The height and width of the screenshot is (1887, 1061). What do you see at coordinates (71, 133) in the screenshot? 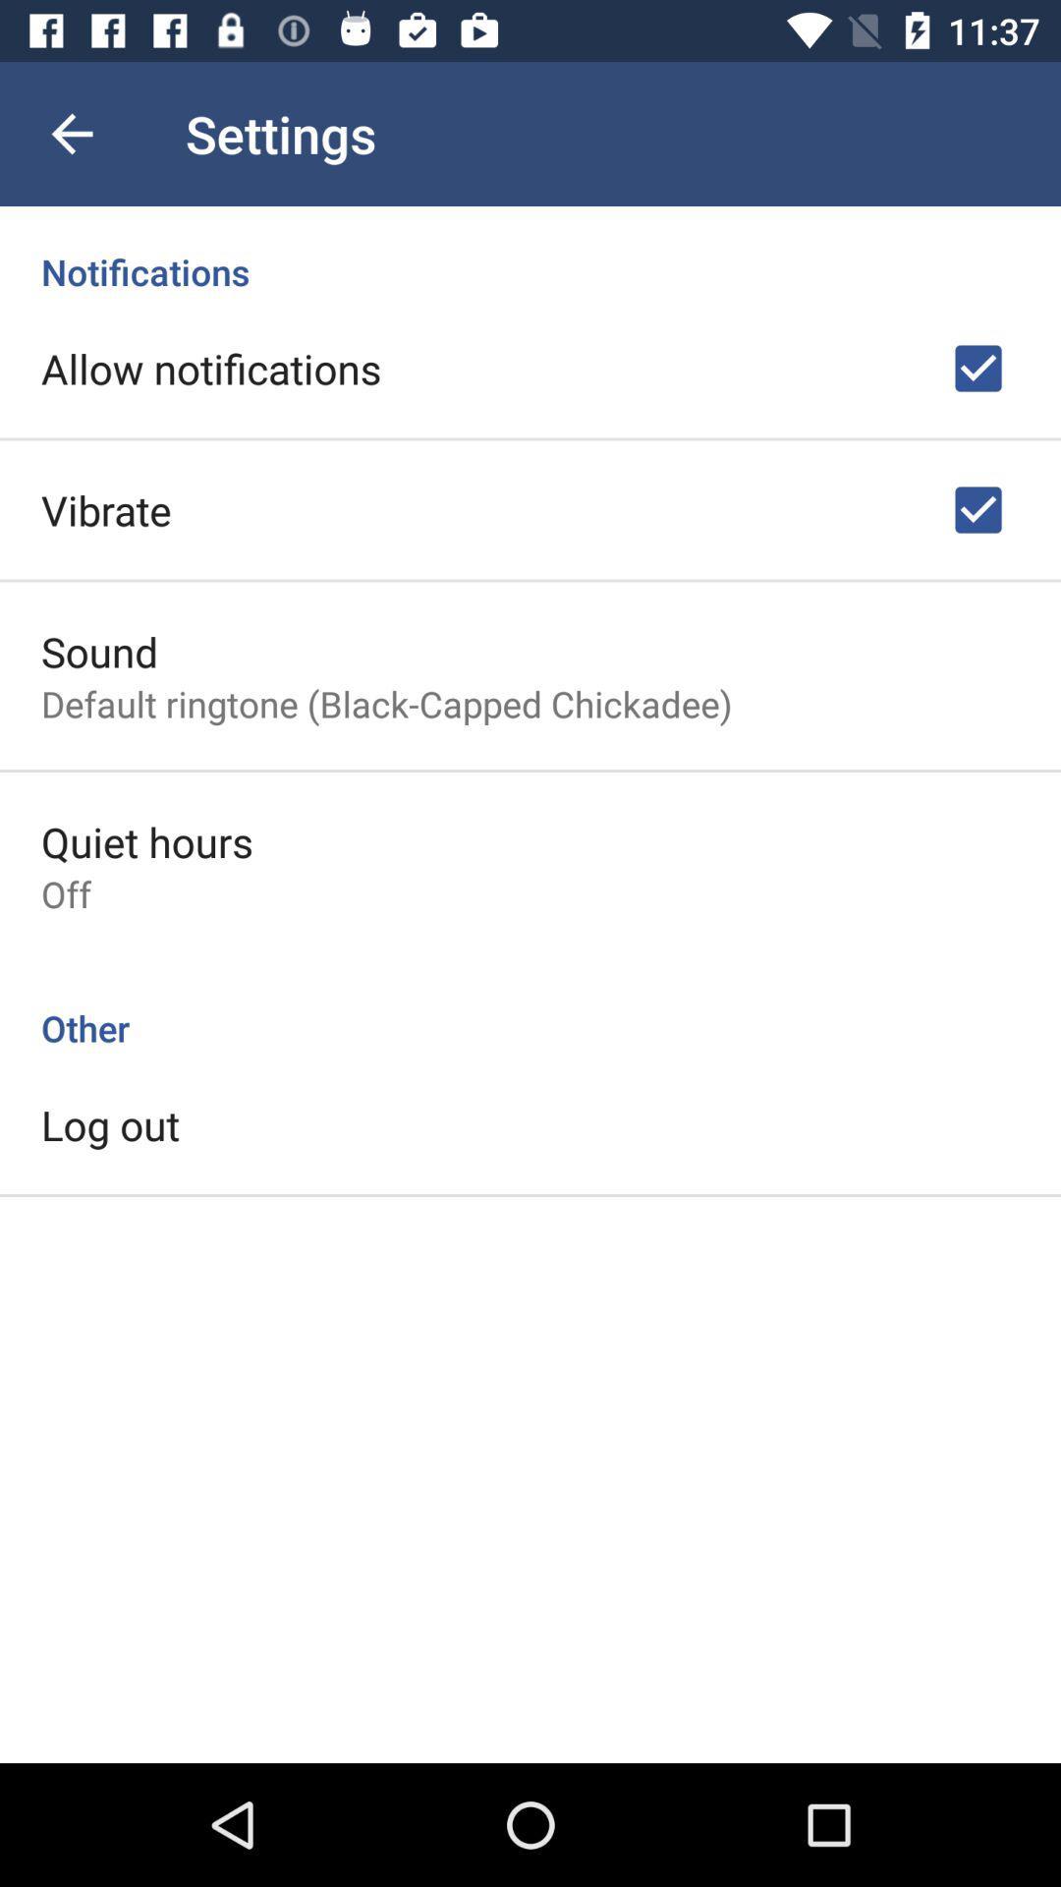
I see `the item next to settings` at bounding box center [71, 133].